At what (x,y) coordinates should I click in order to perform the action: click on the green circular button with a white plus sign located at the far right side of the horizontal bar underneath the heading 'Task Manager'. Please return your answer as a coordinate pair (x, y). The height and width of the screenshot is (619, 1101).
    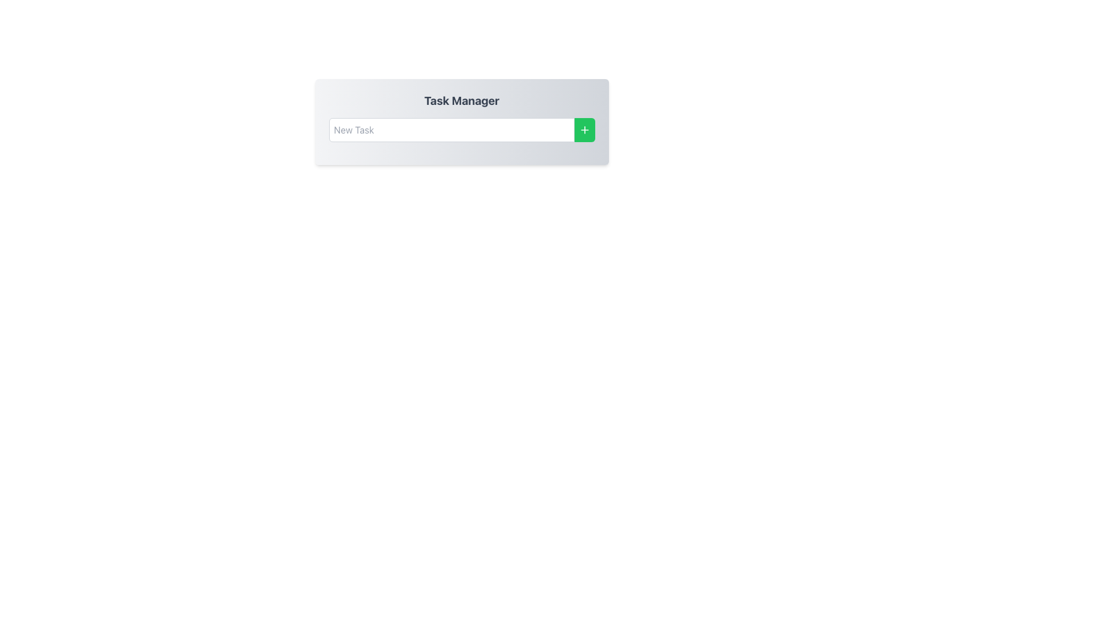
    Looking at the image, I should click on (584, 130).